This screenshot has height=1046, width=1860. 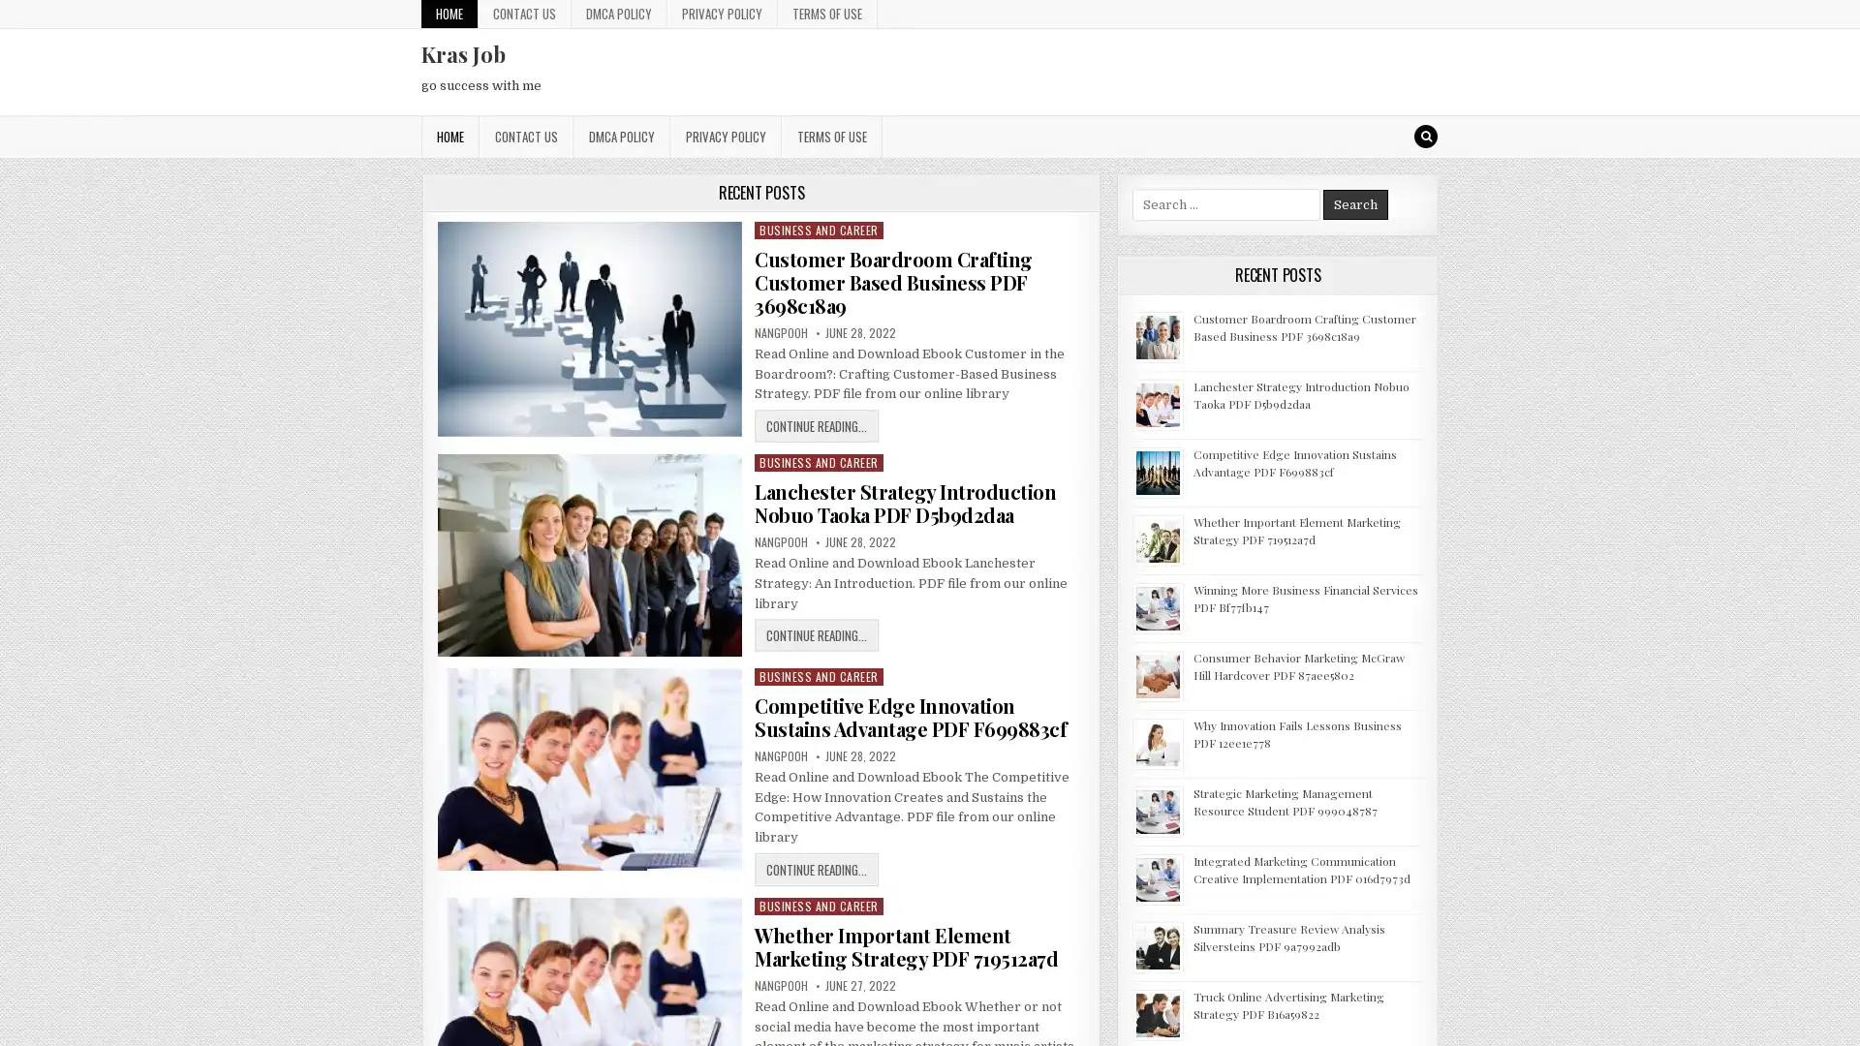 What do you see at coordinates (1354, 204) in the screenshot?
I see `Search` at bounding box center [1354, 204].